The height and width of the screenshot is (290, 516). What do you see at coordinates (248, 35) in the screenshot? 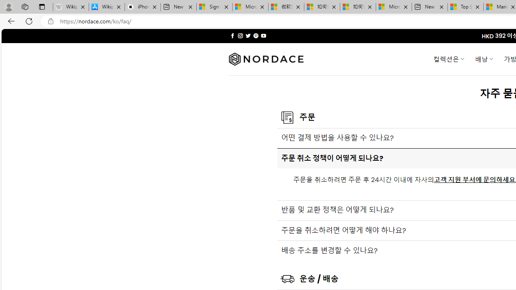
I see `'Follow on Twitter'` at bounding box center [248, 35].